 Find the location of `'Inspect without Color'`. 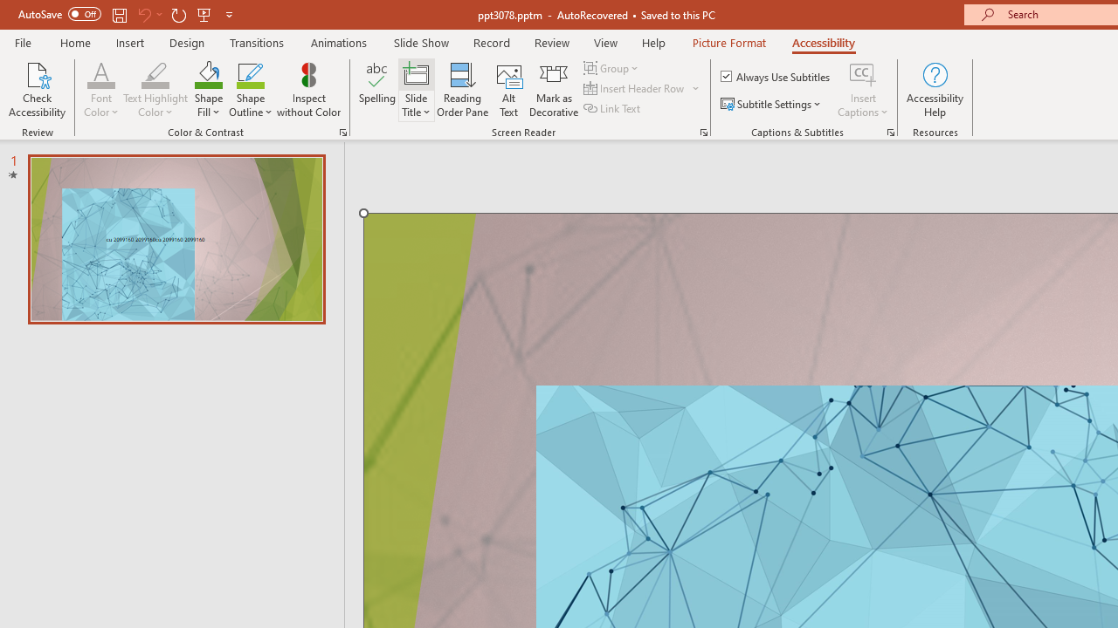

'Inspect without Color' is located at coordinates (308, 90).